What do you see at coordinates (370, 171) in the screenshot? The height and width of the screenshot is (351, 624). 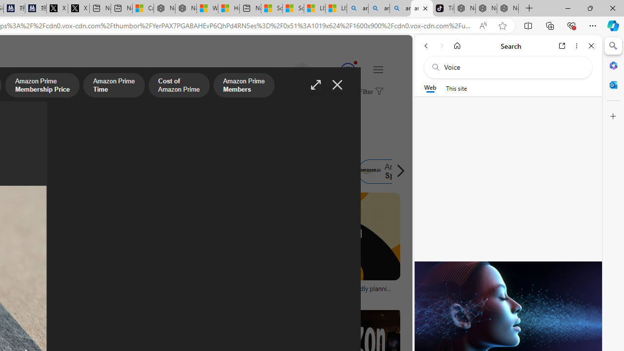 I see `'Amazon Spain'` at bounding box center [370, 171].